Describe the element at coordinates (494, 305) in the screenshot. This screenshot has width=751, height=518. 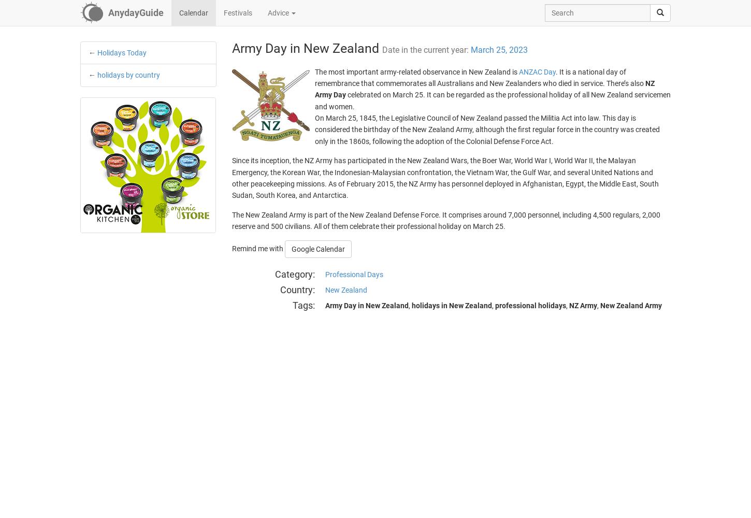
I see `'professional holidays'` at that location.